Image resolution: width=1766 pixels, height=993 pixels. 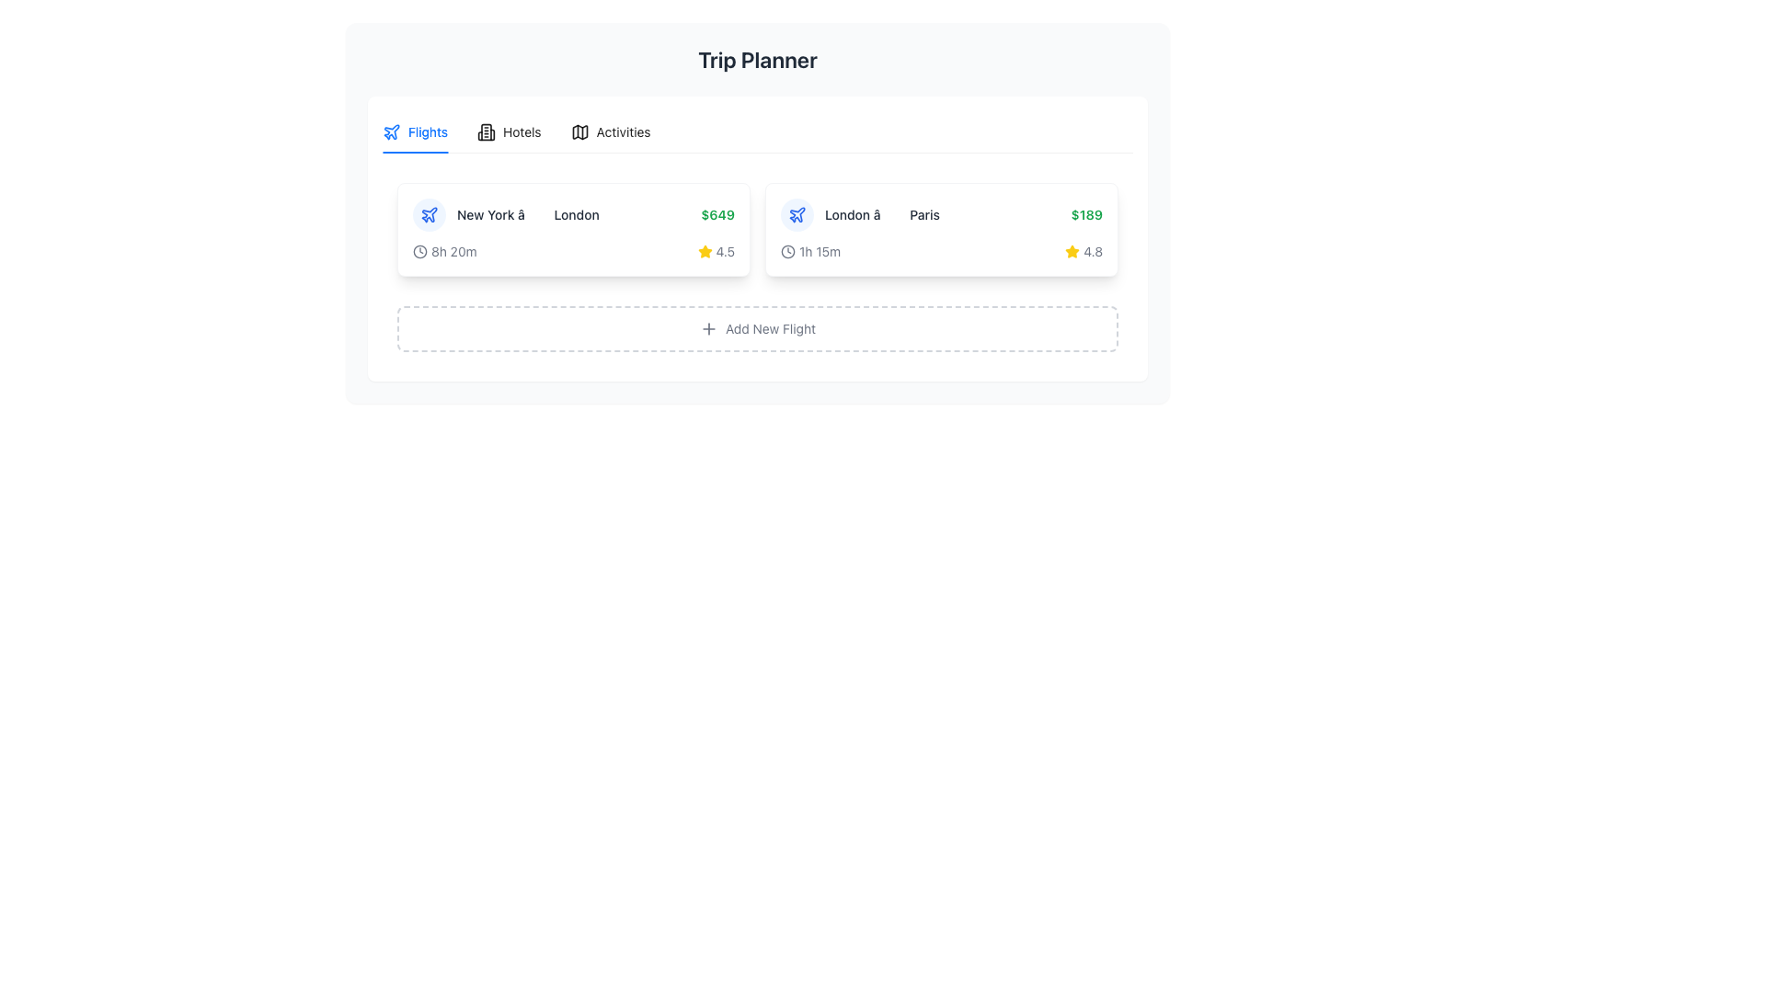 What do you see at coordinates (444, 251) in the screenshot?
I see `flight duration indicated by the Text with Icon element located on the left side of the flight information segment, below the route description from 'New York' to 'London'` at bounding box center [444, 251].